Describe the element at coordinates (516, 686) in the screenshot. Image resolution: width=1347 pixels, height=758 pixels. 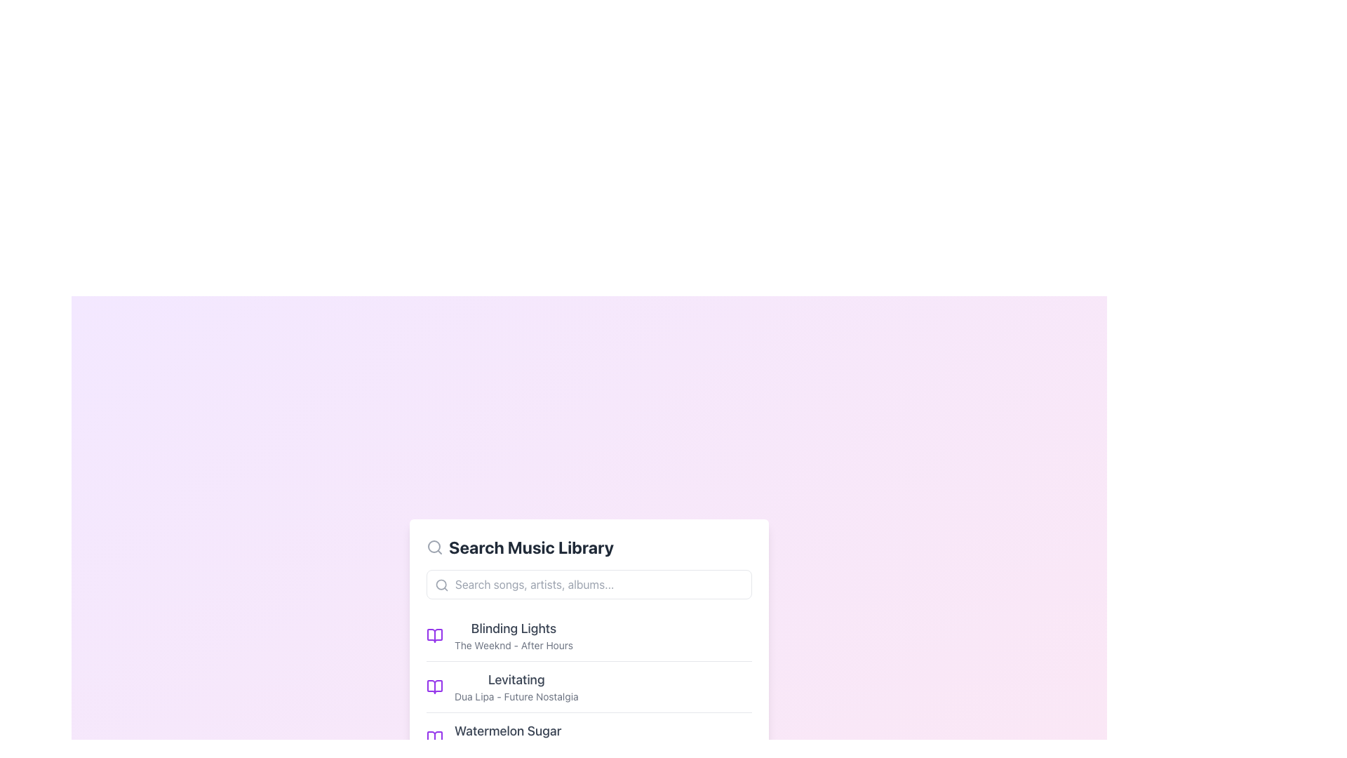
I see `the 'Levitating' text display element, which features the title in a bold dark gray font and the artist information below it, to play the song` at that location.